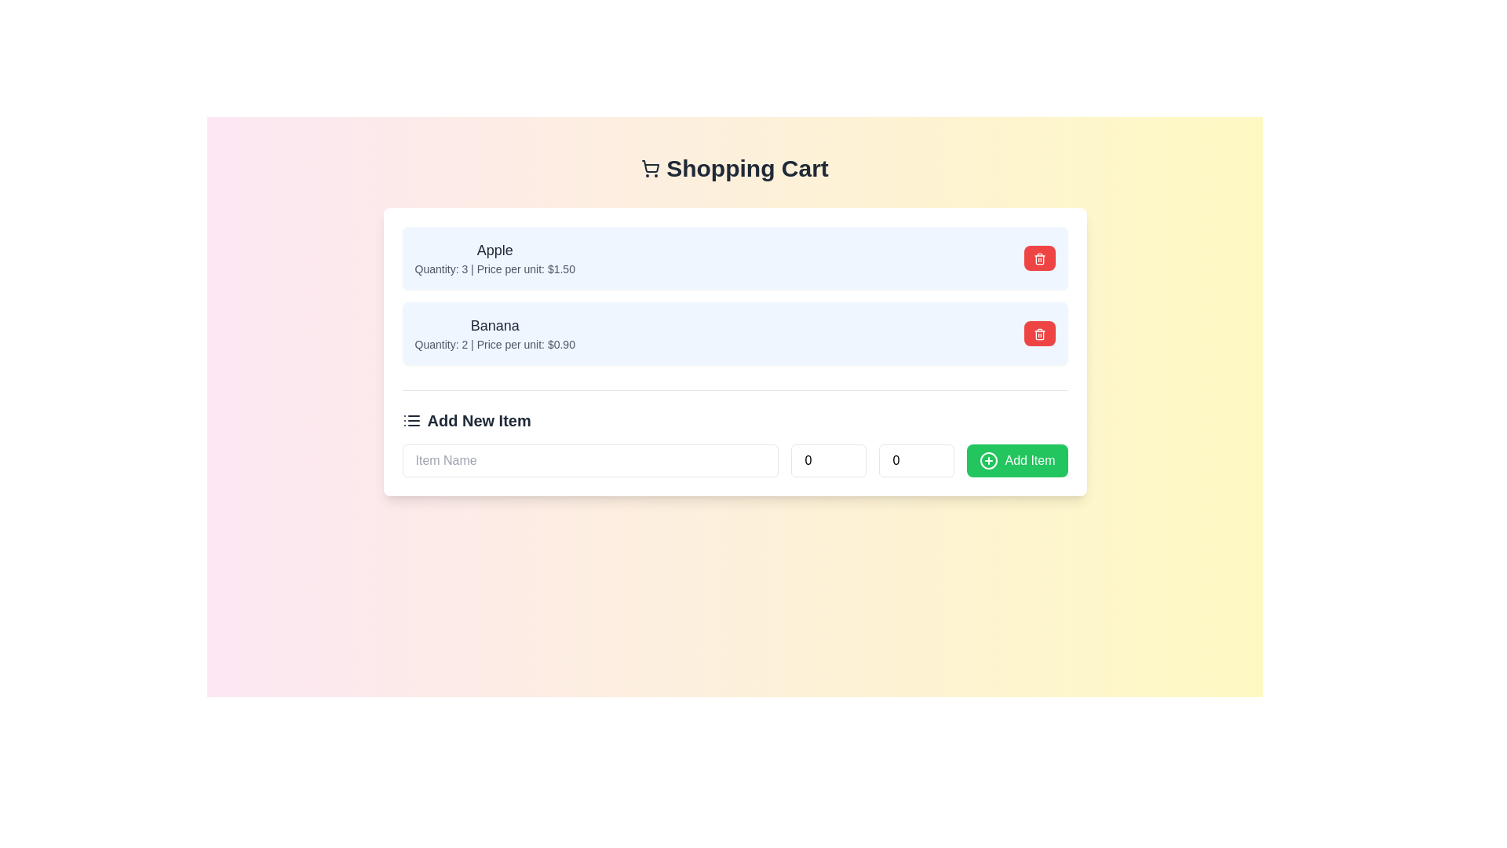 Image resolution: width=1507 pixels, height=848 pixels. What do you see at coordinates (734, 169) in the screenshot?
I see `the title or heading element of the shopping cart interface` at bounding box center [734, 169].